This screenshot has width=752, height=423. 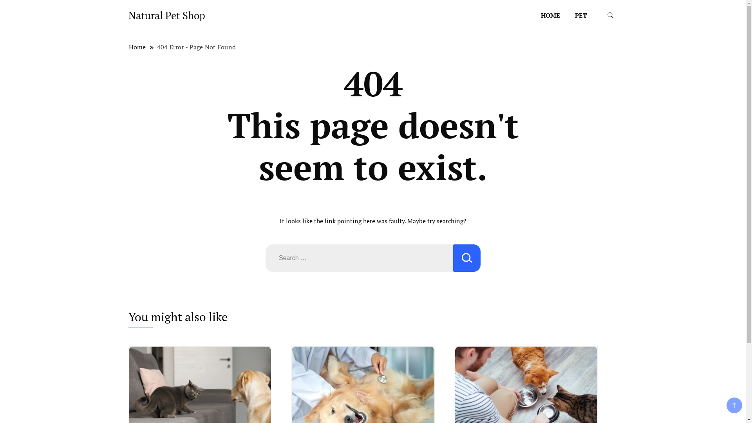 I want to click on '404 Error - Page Not Found', so click(x=156, y=47).